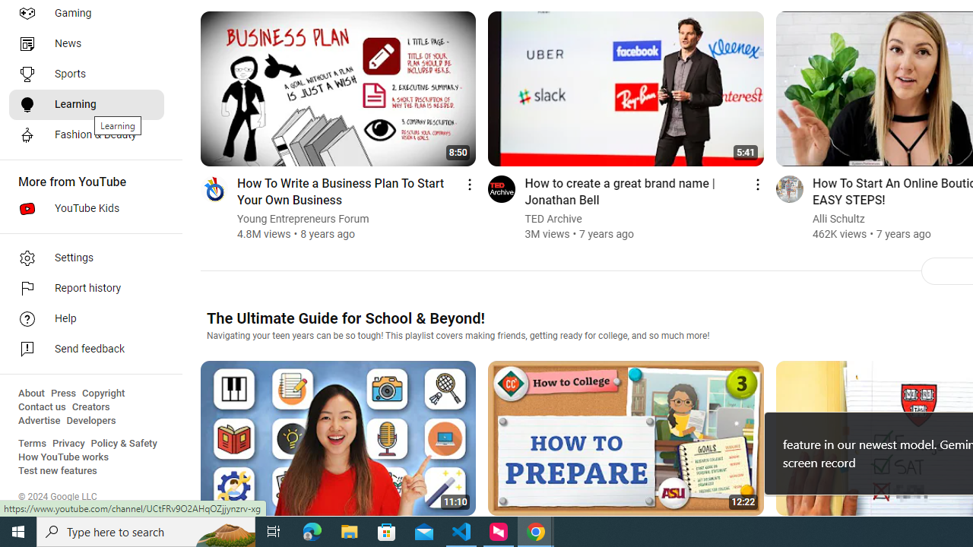 Image resolution: width=973 pixels, height=547 pixels. What do you see at coordinates (85, 289) in the screenshot?
I see `'Report history'` at bounding box center [85, 289].